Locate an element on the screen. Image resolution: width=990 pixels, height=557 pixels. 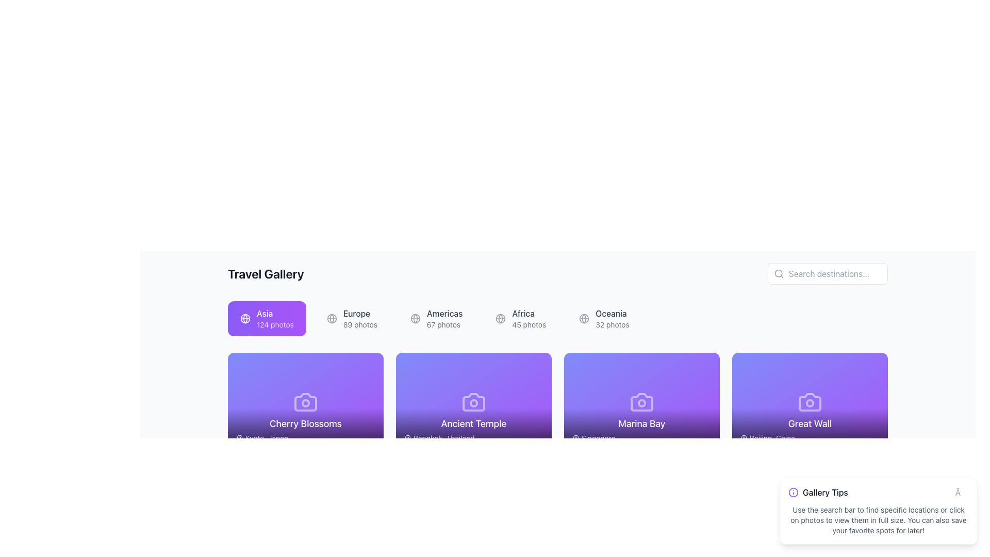
text label at the bottom center of the 'Ancient Temple' card, which provides a location-related description is located at coordinates (473, 430).